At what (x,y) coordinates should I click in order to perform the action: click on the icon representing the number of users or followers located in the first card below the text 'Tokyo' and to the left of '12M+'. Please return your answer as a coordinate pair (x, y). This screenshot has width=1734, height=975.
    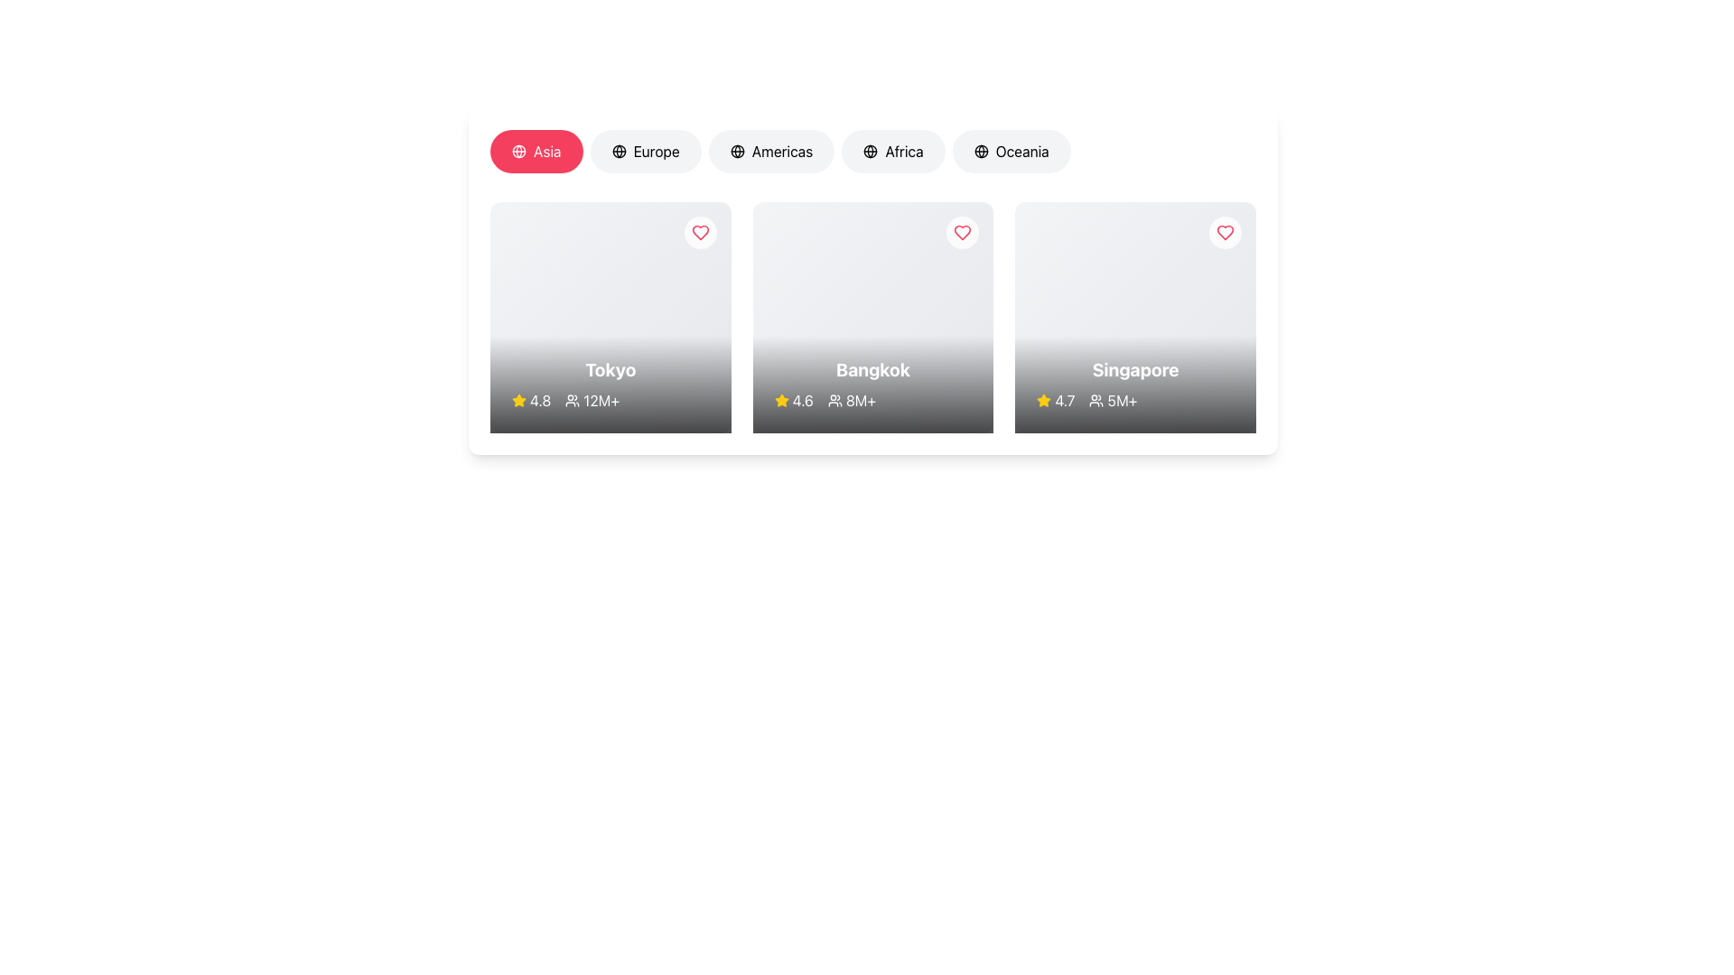
    Looking at the image, I should click on (572, 399).